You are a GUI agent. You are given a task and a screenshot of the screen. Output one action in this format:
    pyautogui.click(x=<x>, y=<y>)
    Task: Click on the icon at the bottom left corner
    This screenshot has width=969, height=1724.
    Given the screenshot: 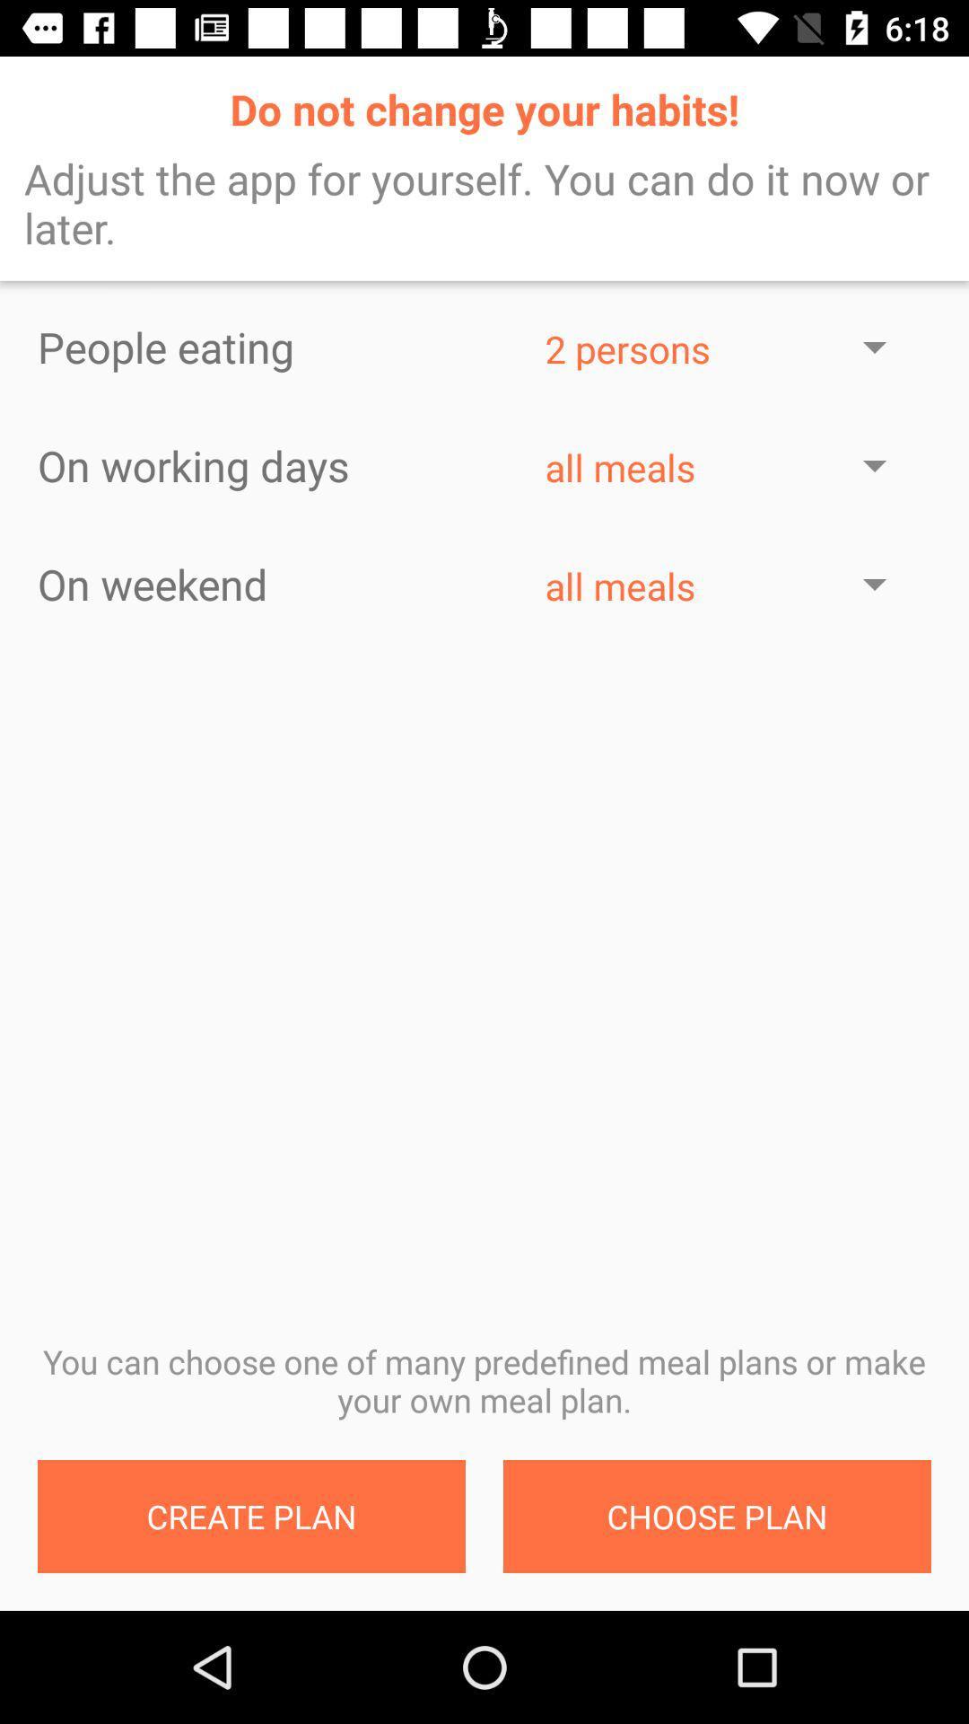 What is the action you would take?
    pyautogui.click(x=251, y=1516)
    